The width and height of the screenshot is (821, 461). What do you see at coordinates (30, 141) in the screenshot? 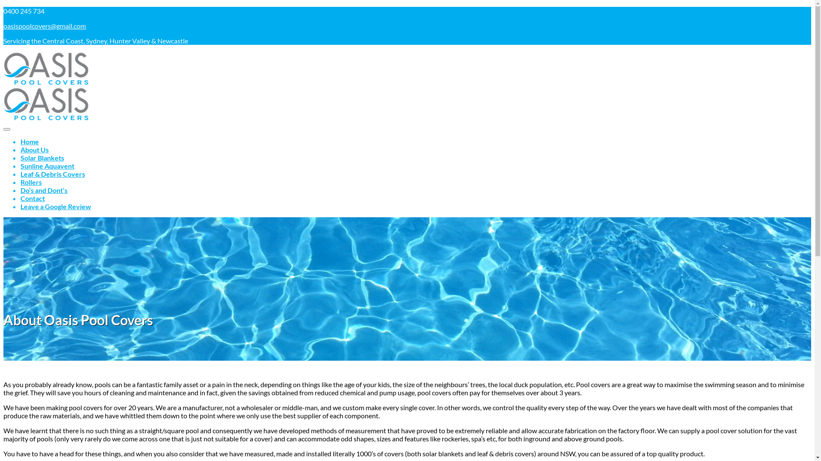
I see `'Home'` at bounding box center [30, 141].